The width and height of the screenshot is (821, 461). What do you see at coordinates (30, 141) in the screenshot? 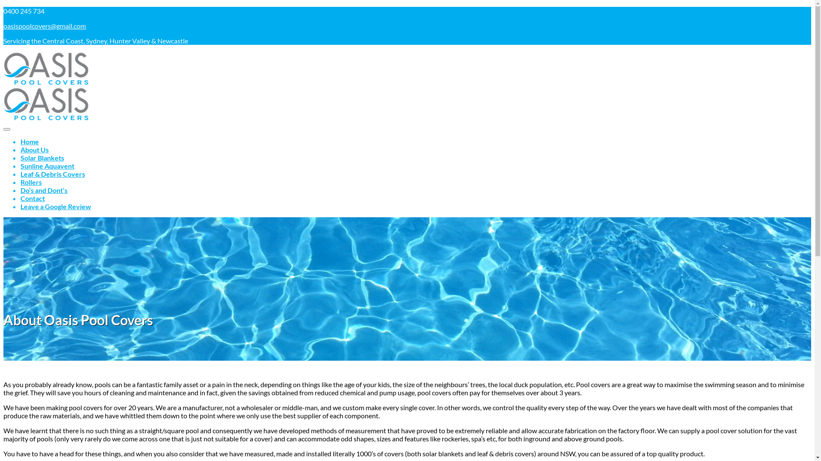
I see `'Home'` at bounding box center [30, 141].